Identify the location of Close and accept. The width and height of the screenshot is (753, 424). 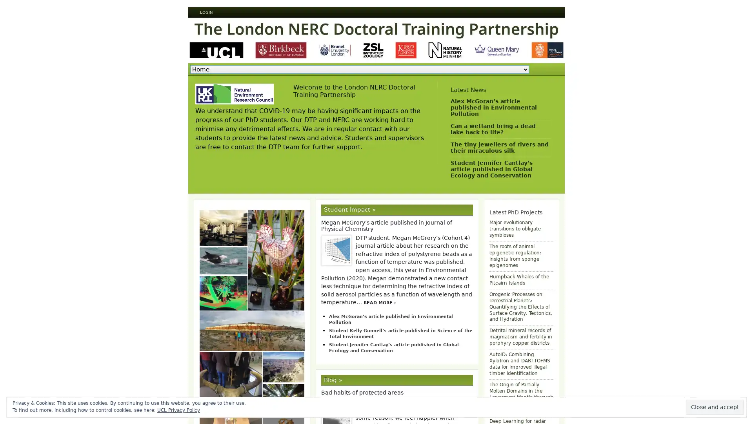
(715, 407).